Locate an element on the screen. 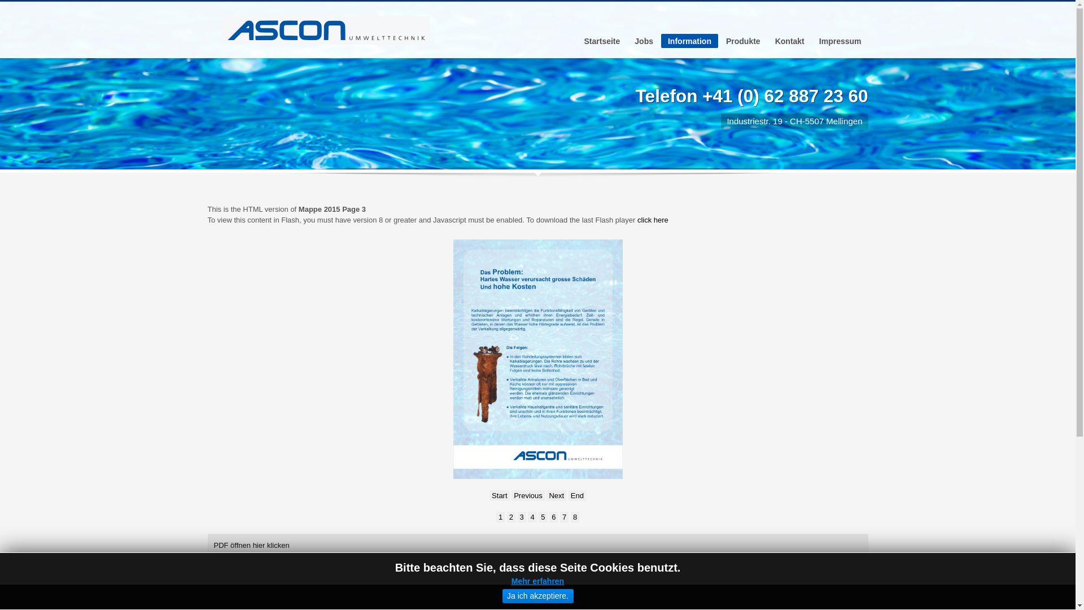 This screenshot has width=1084, height=610. 'Information' is located at coordinates (661, 40).